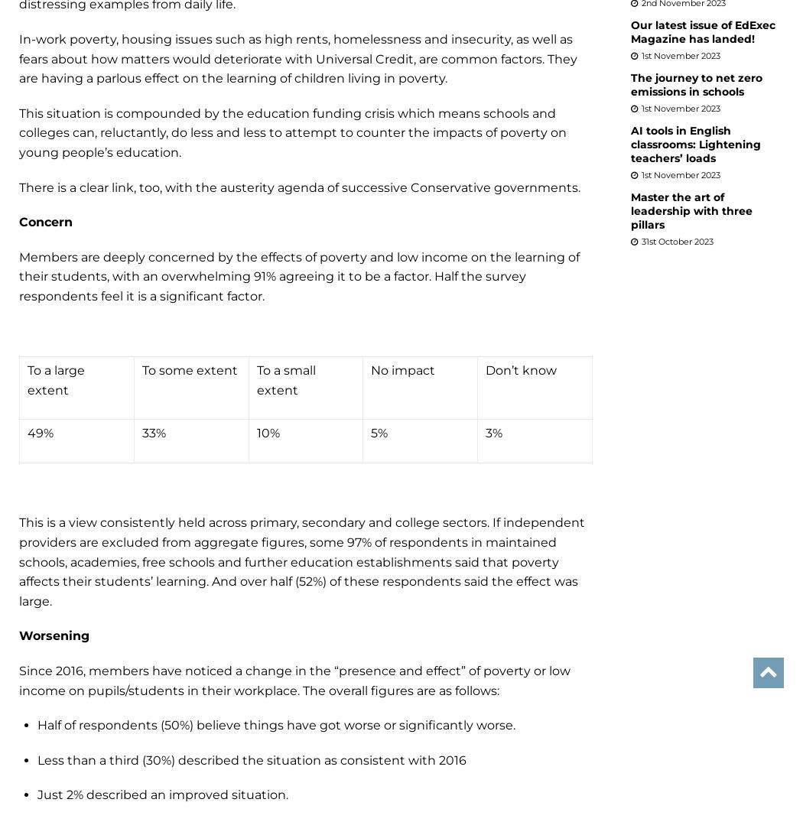 The height and width of the screenshot is (822, 803). What do you see at coordinates (629, 30) in the screenshot?
I see `'Our latest issue of EdExec Magazine has landed!'` at bounding box center [629, 30].